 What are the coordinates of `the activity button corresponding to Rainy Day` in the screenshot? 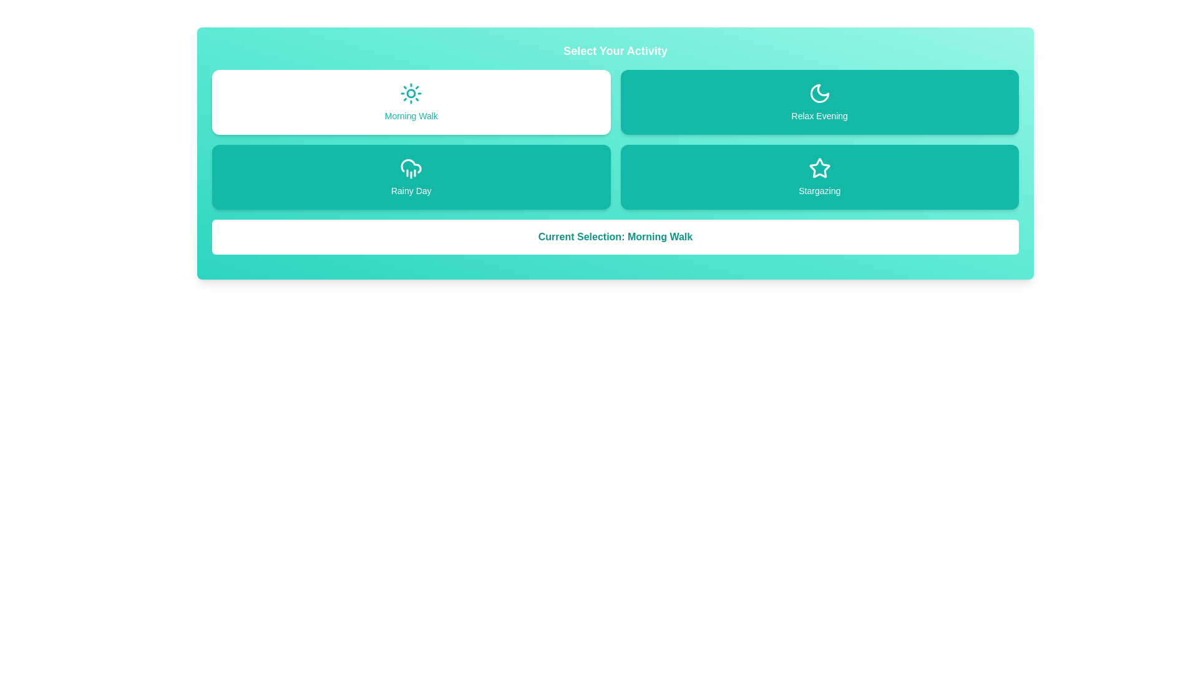 It's located at (411, 177).